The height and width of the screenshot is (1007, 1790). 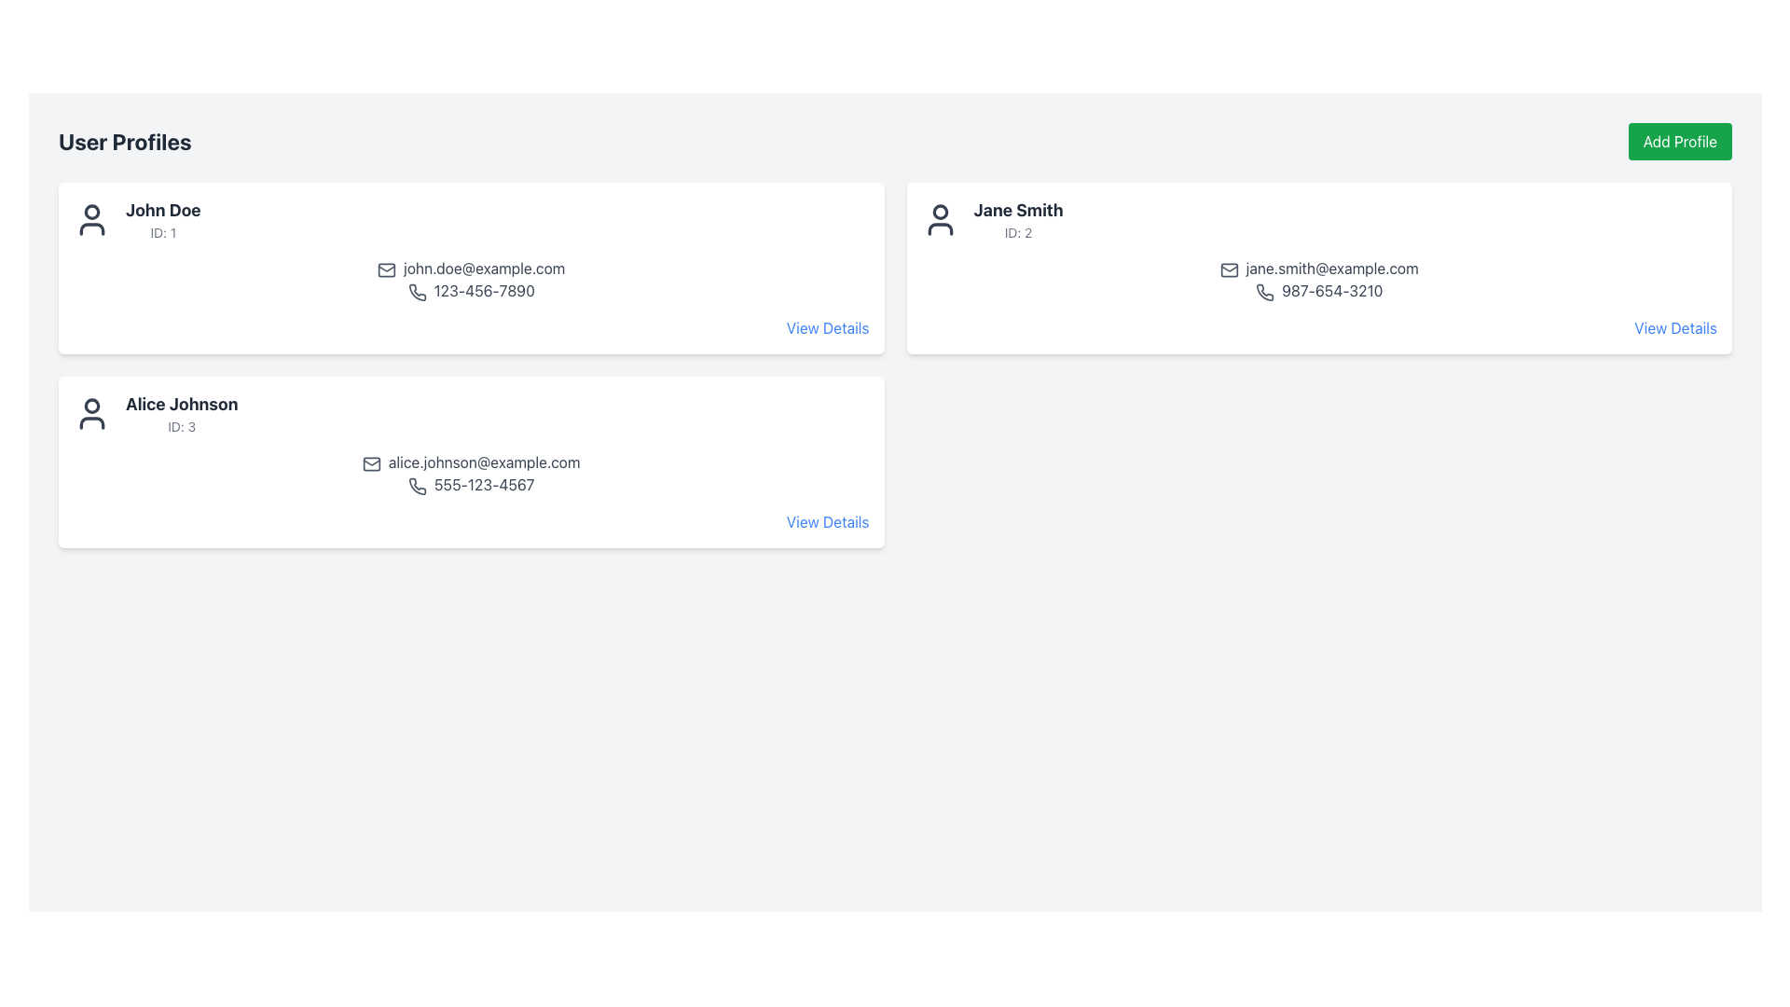 What do you see at coordinates (182, 404) in the screenshot?
I see `bold text label 'Alice Johnson' located at the top of the user profile card` at bounding box center [182, 404].